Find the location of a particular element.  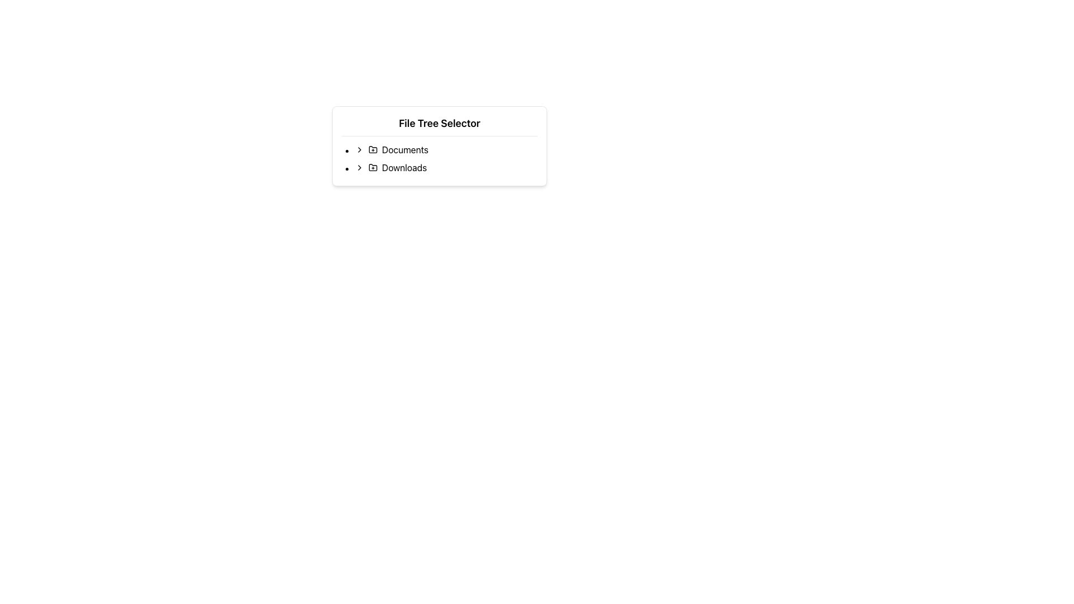

the graphical folder icon located next to the labeled text 'Downloads' in the file selector interface is located at coordinates (373, 167).